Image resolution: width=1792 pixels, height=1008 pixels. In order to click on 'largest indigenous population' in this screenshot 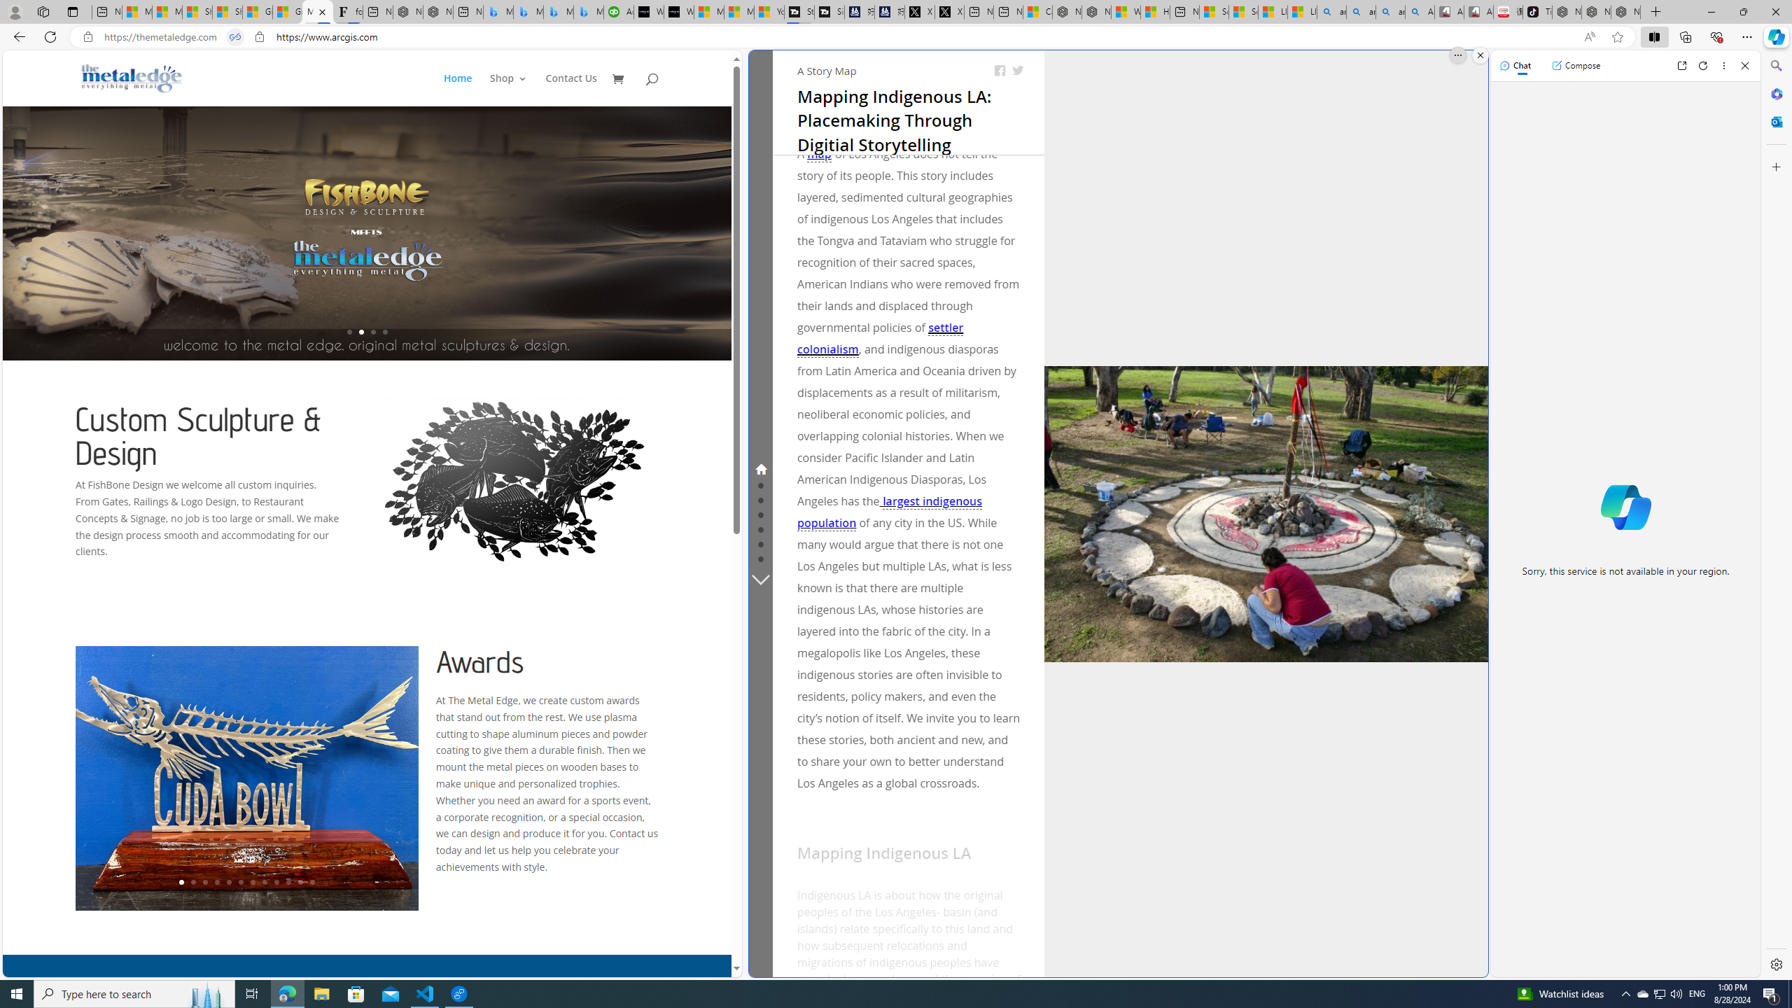, I will do `click(890, 512)`.